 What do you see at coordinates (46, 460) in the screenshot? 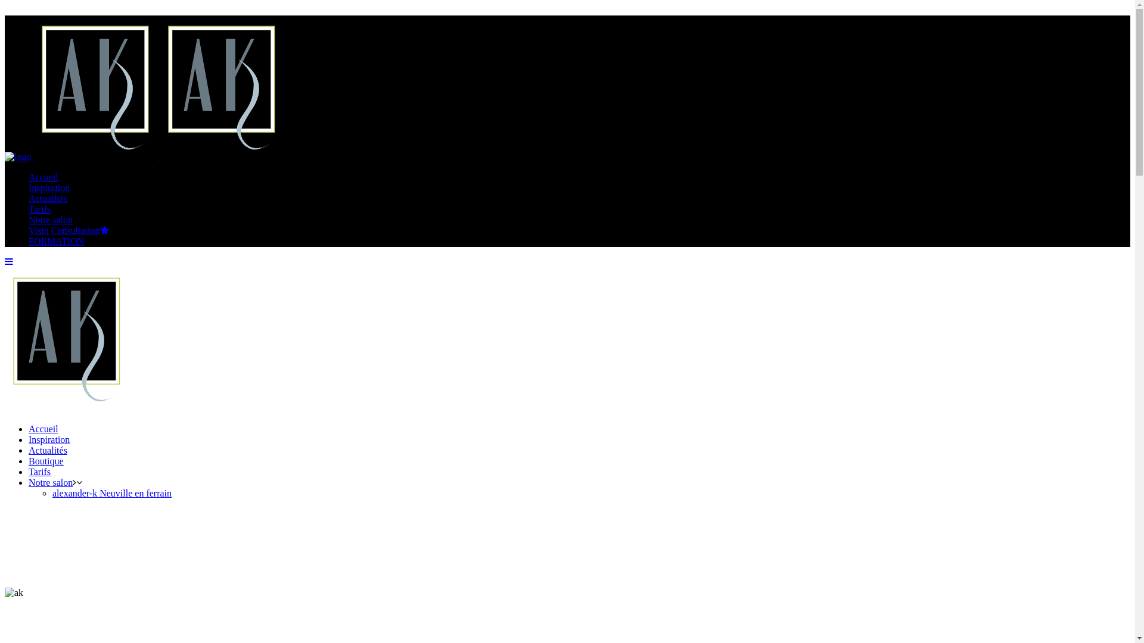
I see `'Boutique'` at bounding box center [46, 460].